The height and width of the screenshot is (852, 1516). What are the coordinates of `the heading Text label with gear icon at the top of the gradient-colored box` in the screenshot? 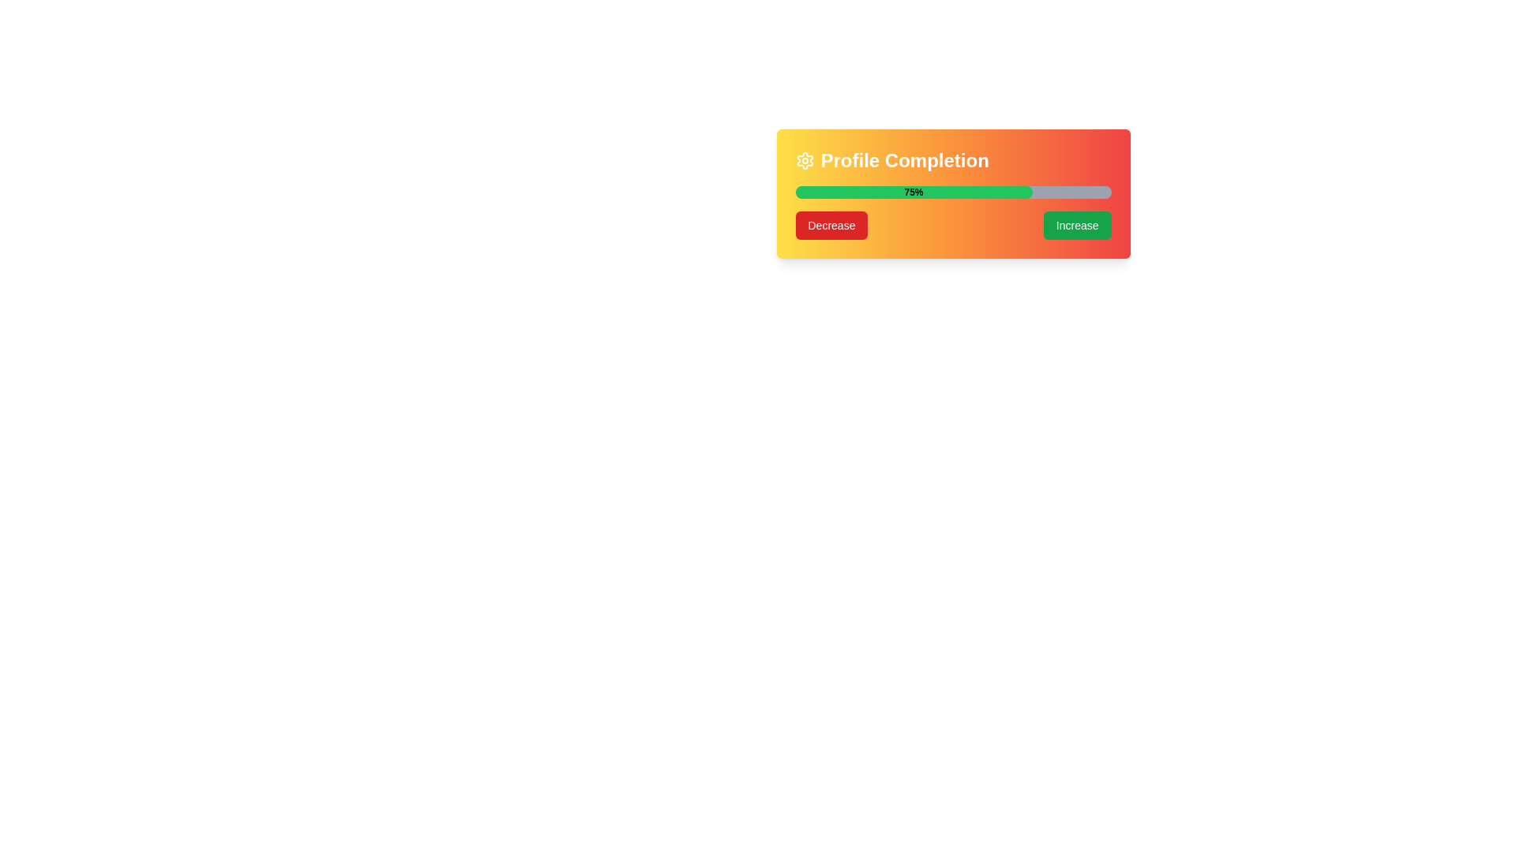 It's located at (952, 161).